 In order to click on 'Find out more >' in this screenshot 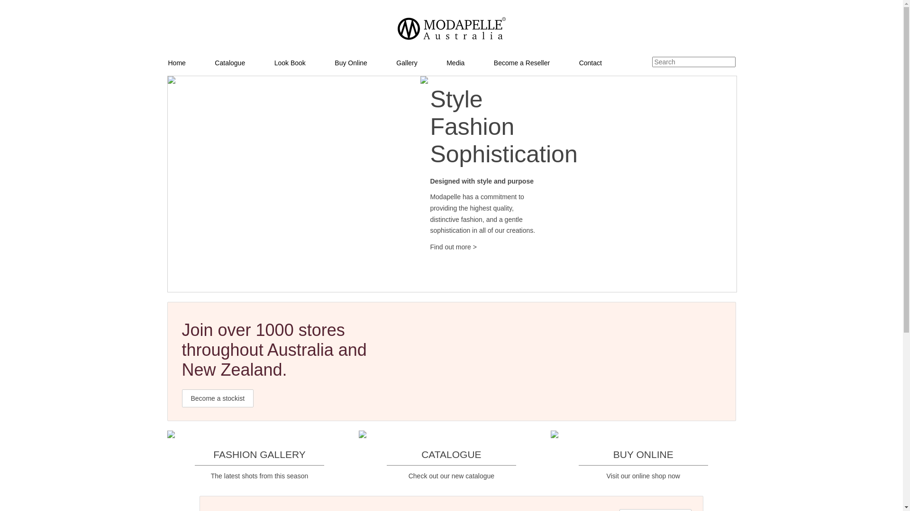, I will do `click(452, 246)`.